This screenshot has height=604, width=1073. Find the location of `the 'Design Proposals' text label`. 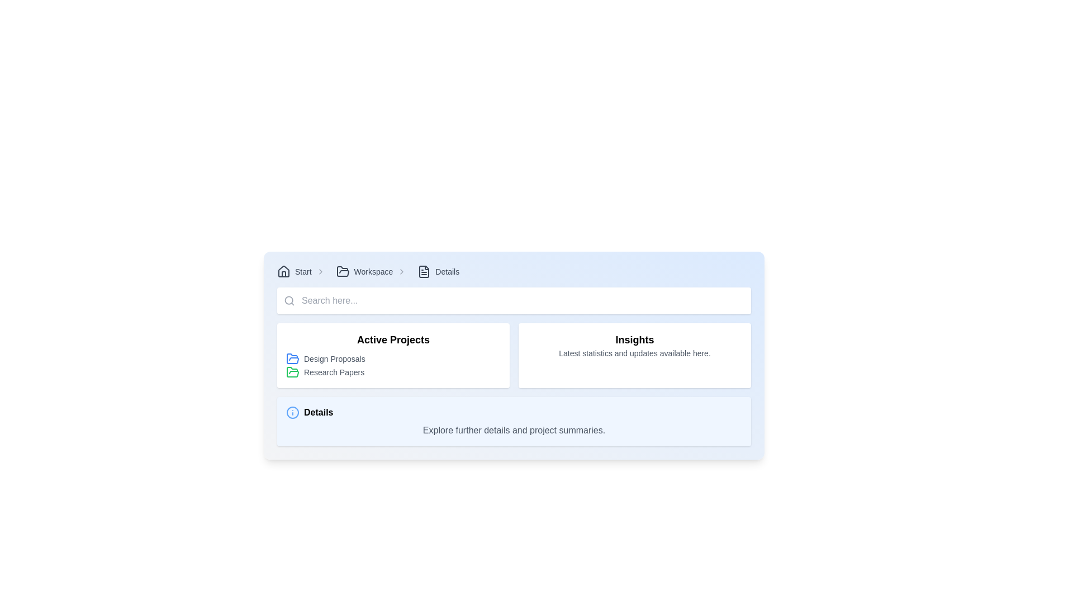

the 'Design Proposals' text label is located at coordinates (334, 358).